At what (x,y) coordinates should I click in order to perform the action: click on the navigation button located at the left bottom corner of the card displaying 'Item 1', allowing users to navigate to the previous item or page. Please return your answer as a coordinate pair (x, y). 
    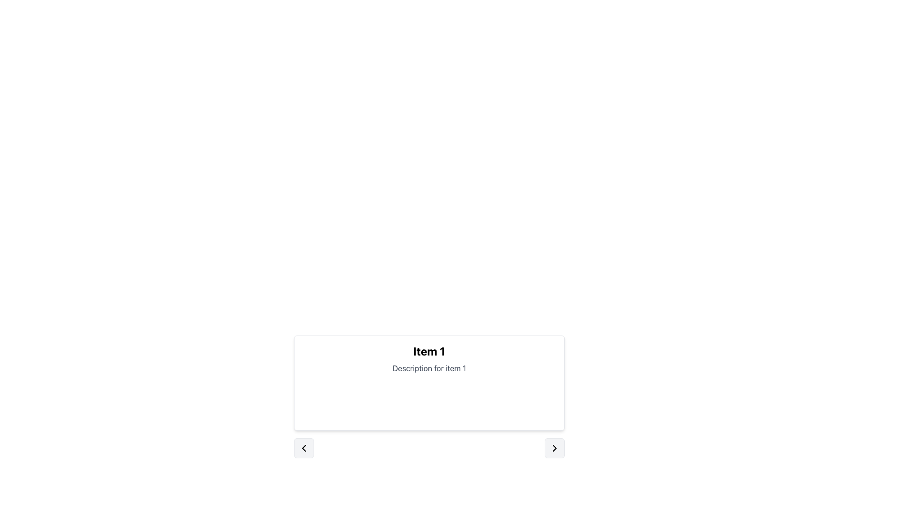
    Looking at the image, I should click on (304, 448).